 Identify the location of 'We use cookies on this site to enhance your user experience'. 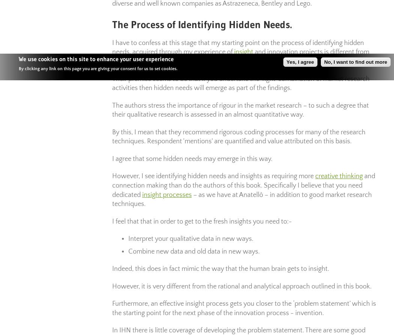
(96, 58).